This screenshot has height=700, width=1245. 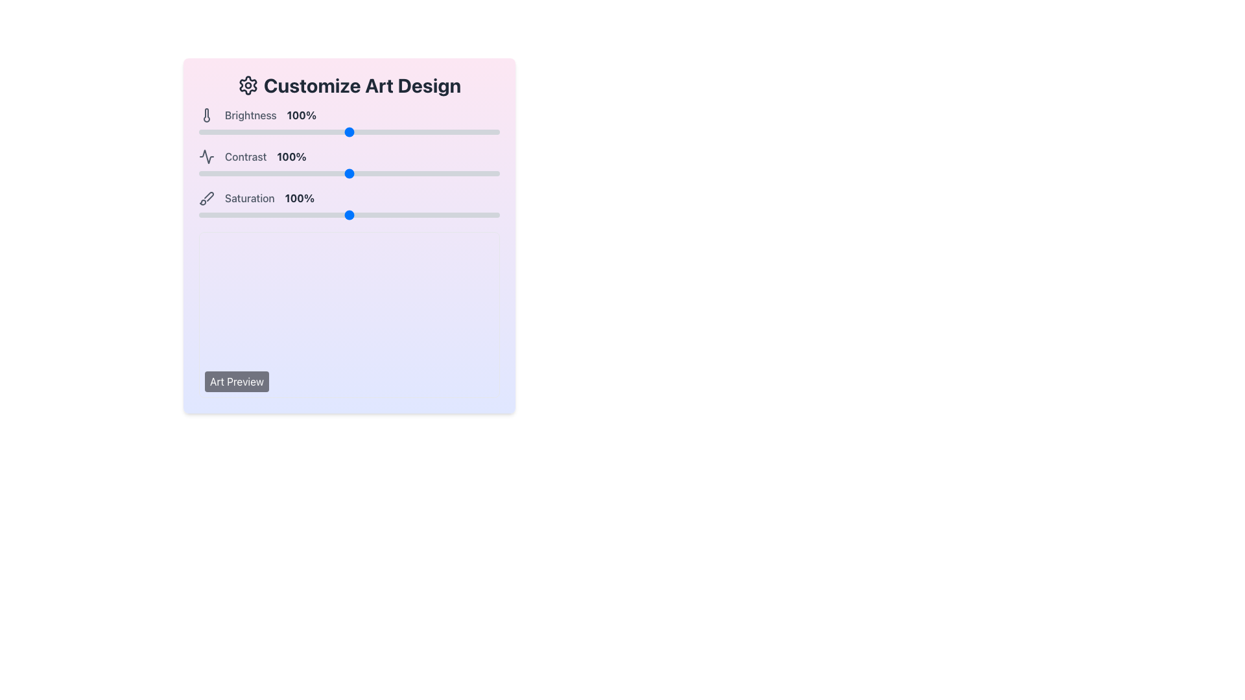 What do you see at coordinates (389, 214) in the screenshot?
I see `the saturation level` at bounding box center [389, 214].